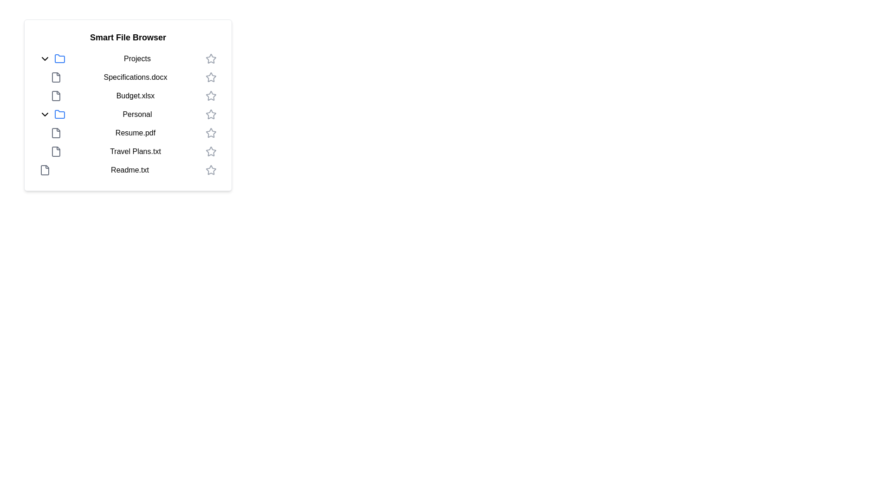 The width and height of the screenshot is (891, 501). Describe the element at coordinates (59, 59) in the screenshot. I see `the folder icon located to the right of the downward chevron icon in the 'Projects' list item` at that location.